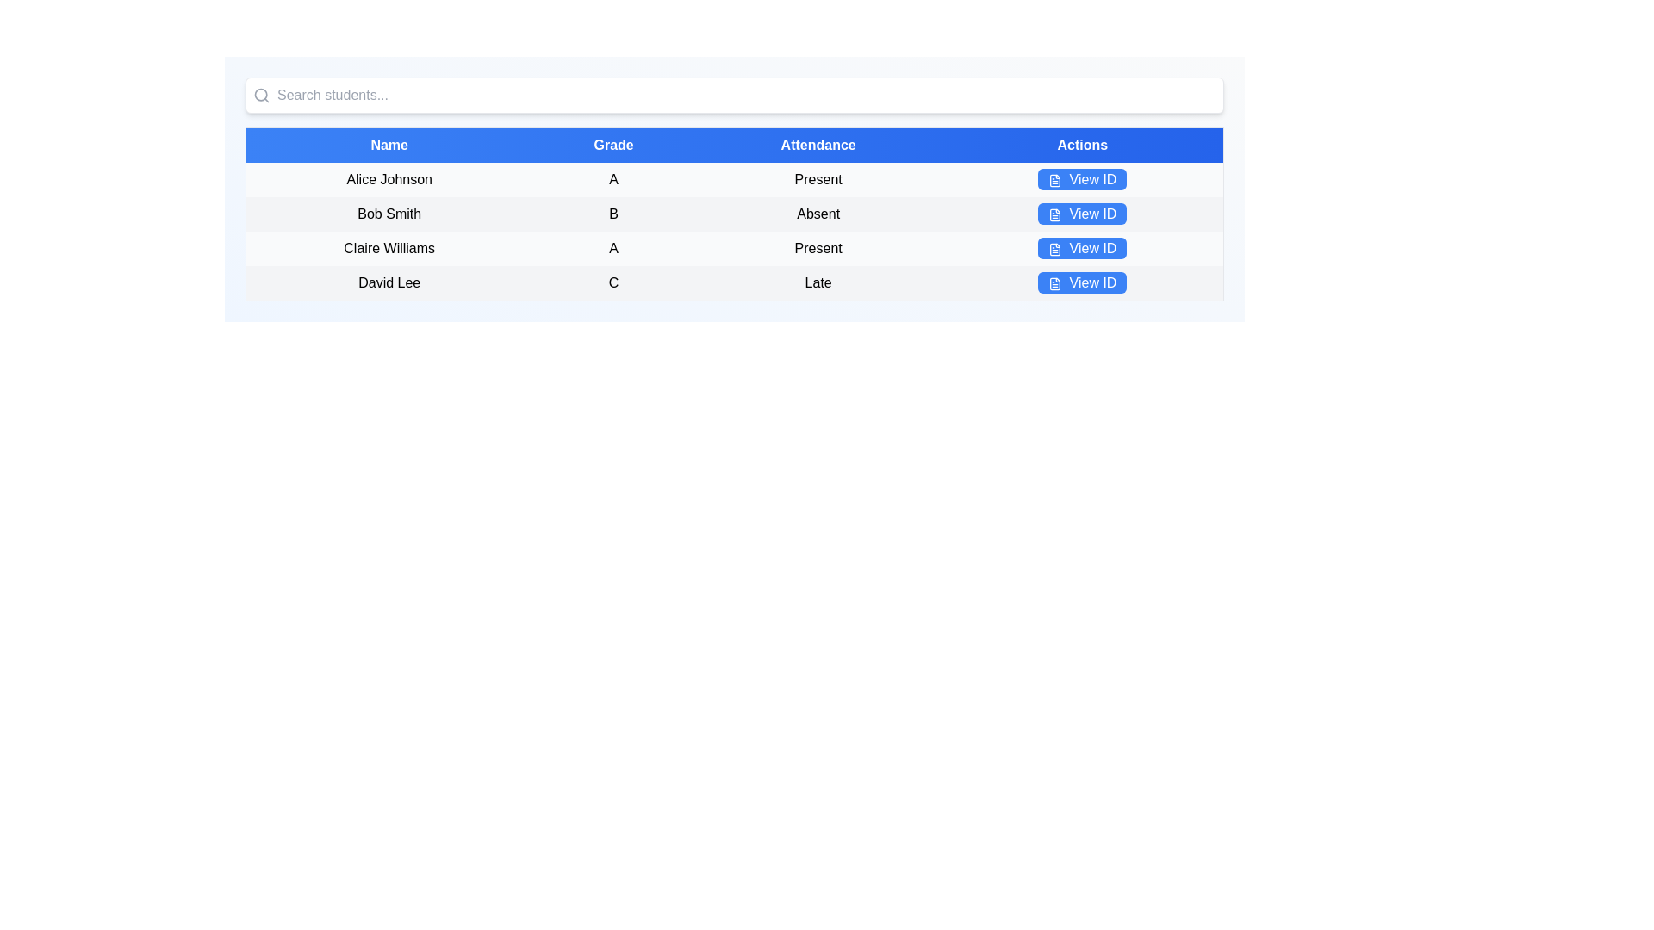 This screenshot has width=1654, height=930. I want to click on the circular lens of the search icon, which is part of the magnifying glass icon located to the left of the search input box in the header, so click(260, 95).